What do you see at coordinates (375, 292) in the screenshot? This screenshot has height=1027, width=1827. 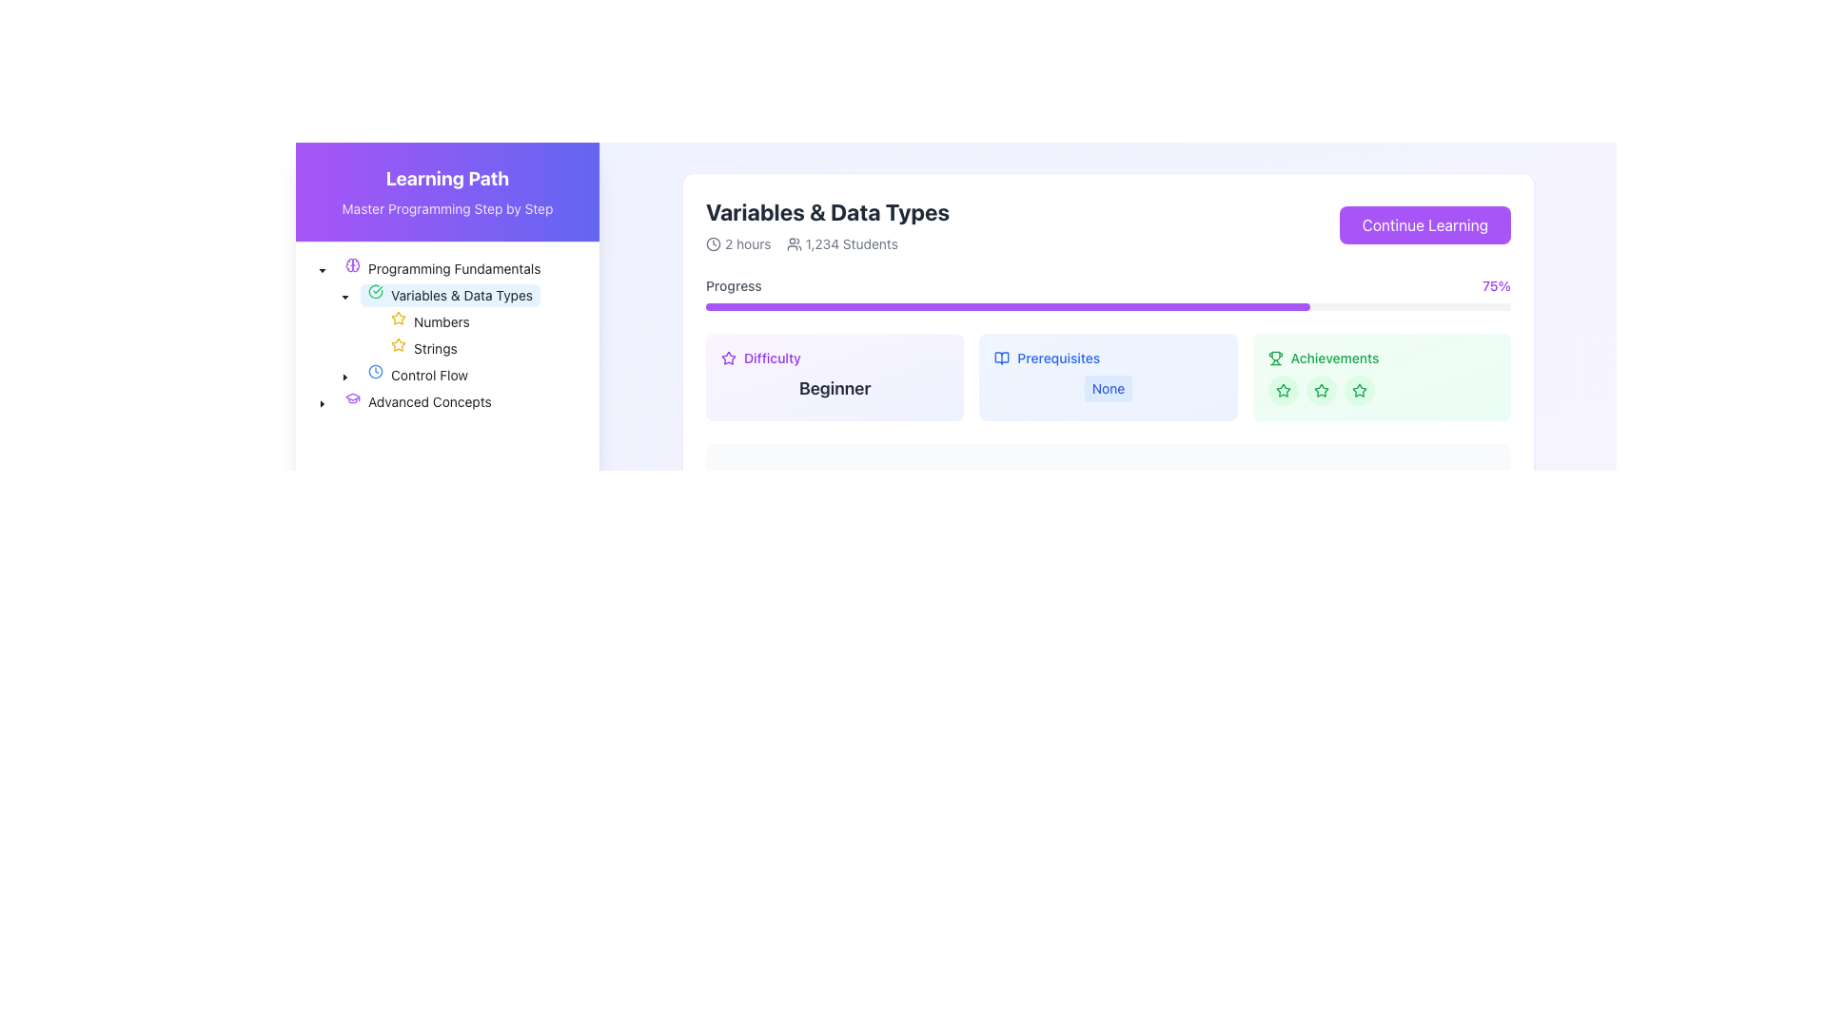 I see `the circular icon with a green checkmark located in the sidebar under the 'Programming Fundamentals' section, next to the 'Variables & Data Types' label` at bounding box center [375, 292].